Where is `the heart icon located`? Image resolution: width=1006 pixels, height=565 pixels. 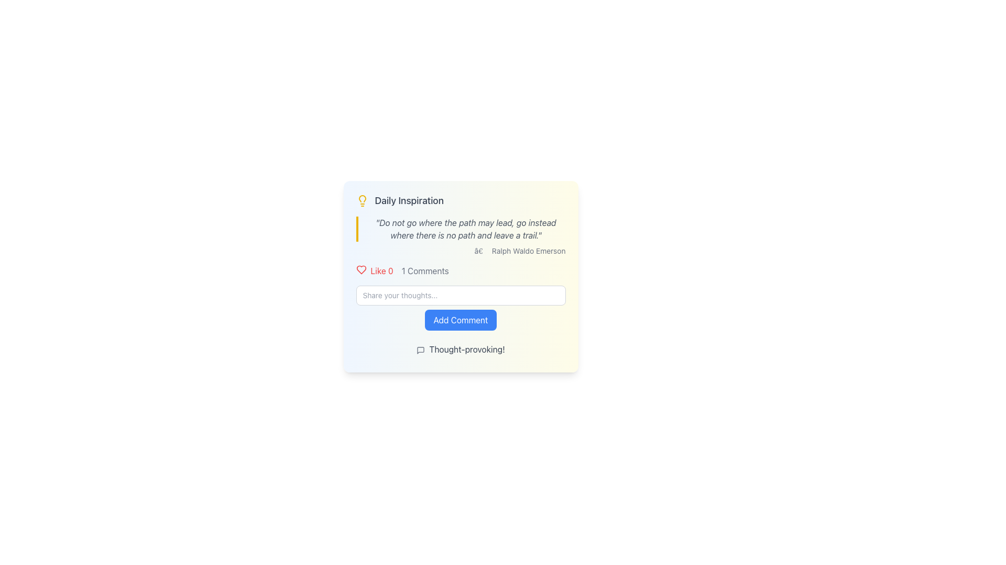
the heart icon located is located at coordinates (361, 269).